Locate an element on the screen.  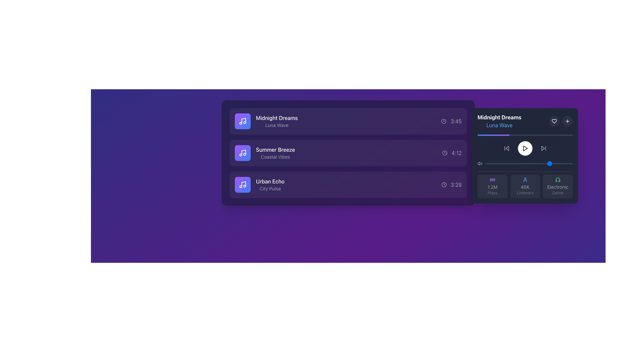
the slider is located at coordinates (543, 163).